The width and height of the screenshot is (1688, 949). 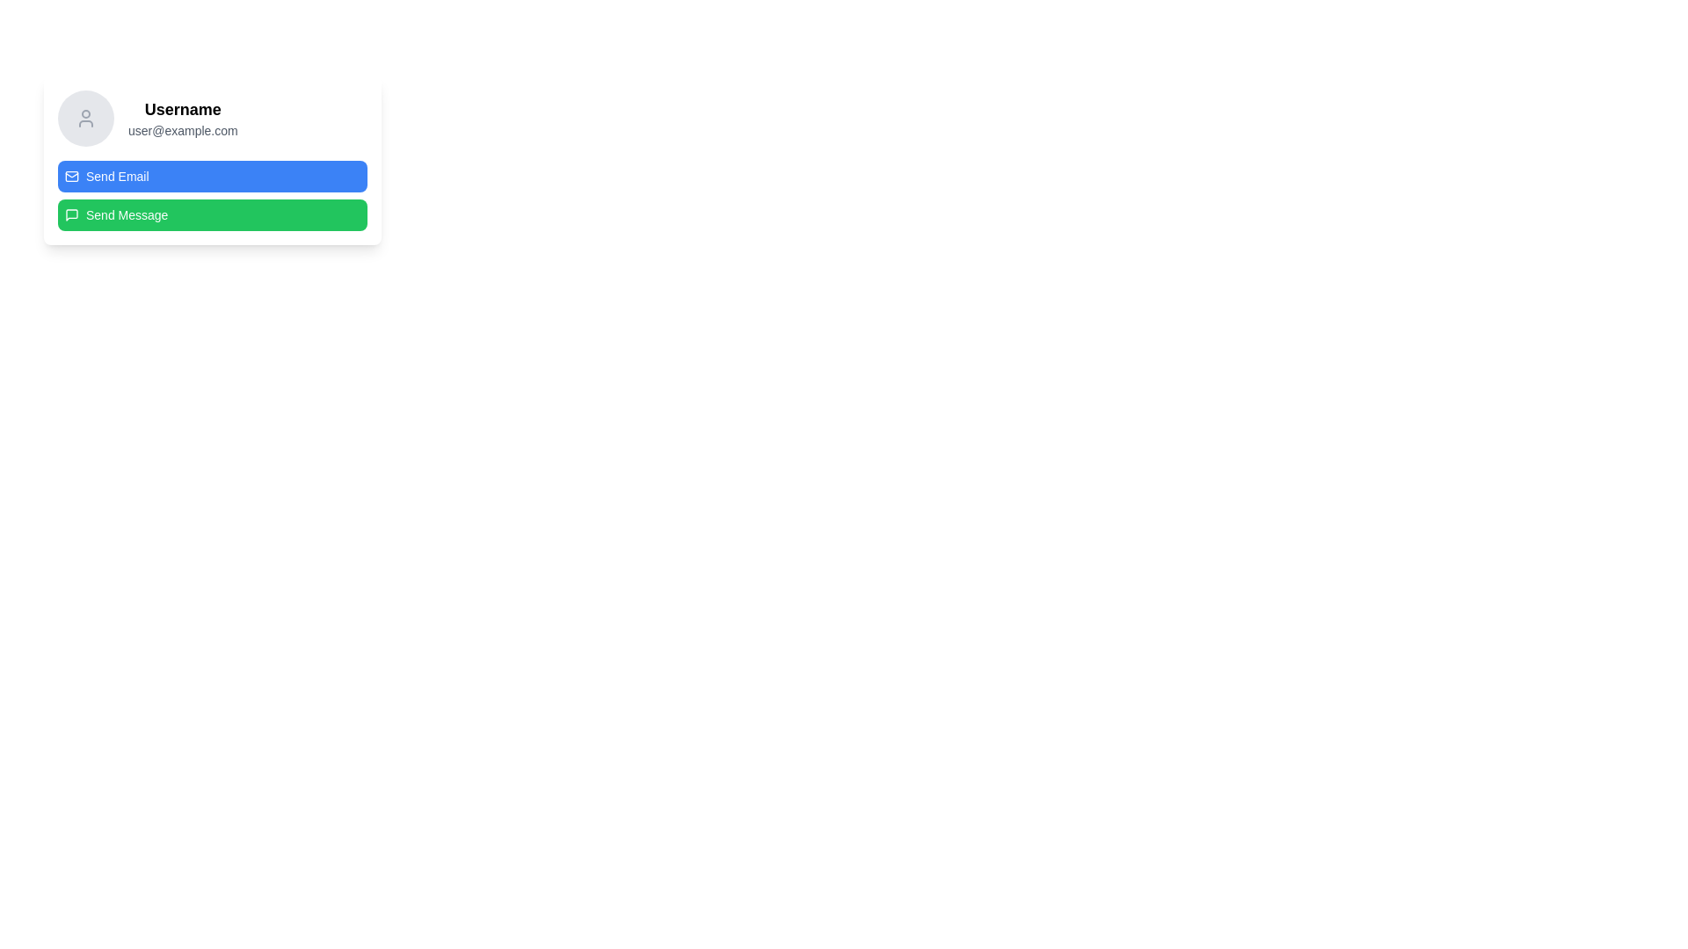 I want to click on the static text element displaying the email address 'user@example.com', which is styled in a smaller gray font and is positioned directly below the 'Username' label, so click(x=183, y=130).